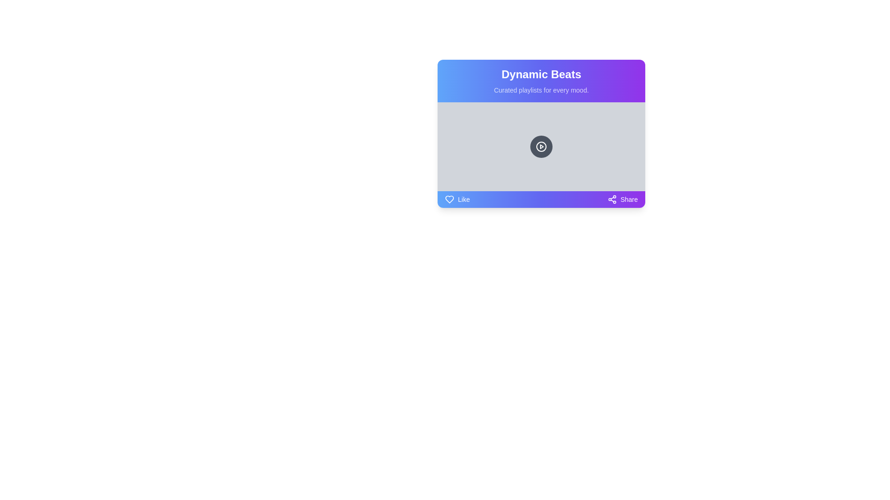  What do you see at coordinates (541, 146) in the screenshot?
I see `the inner circle of the play button located at the center of the 'Dynamic Beats' card` at bounding box center [541, 146].